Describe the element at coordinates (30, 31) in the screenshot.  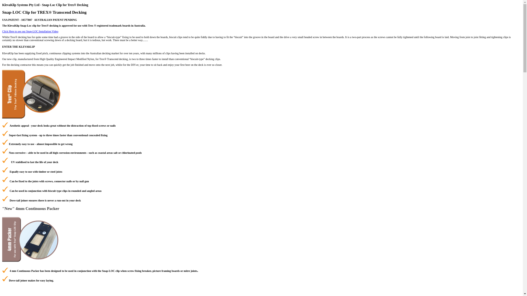
I see `'Click Here to see our Snap-LOC Installation Video'` at that location.